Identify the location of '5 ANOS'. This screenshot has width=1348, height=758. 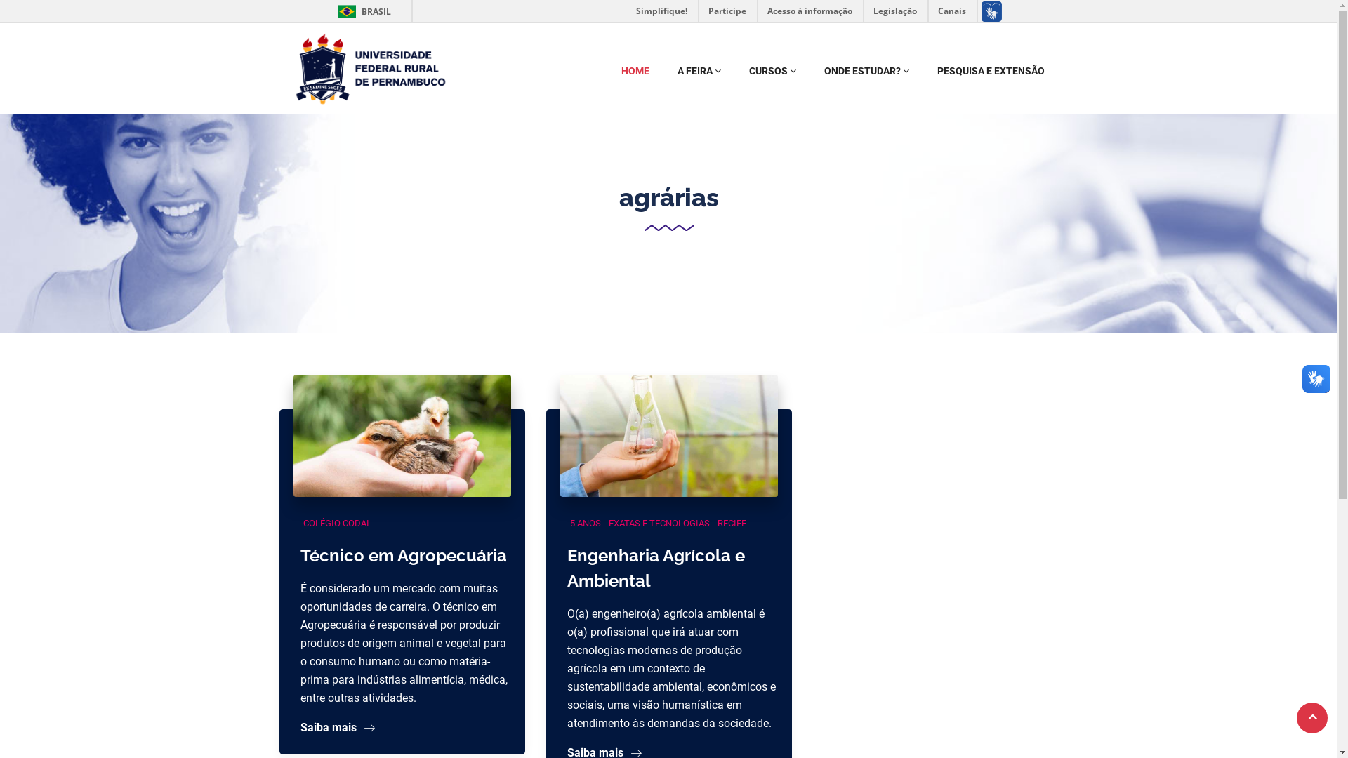
(567, 523).